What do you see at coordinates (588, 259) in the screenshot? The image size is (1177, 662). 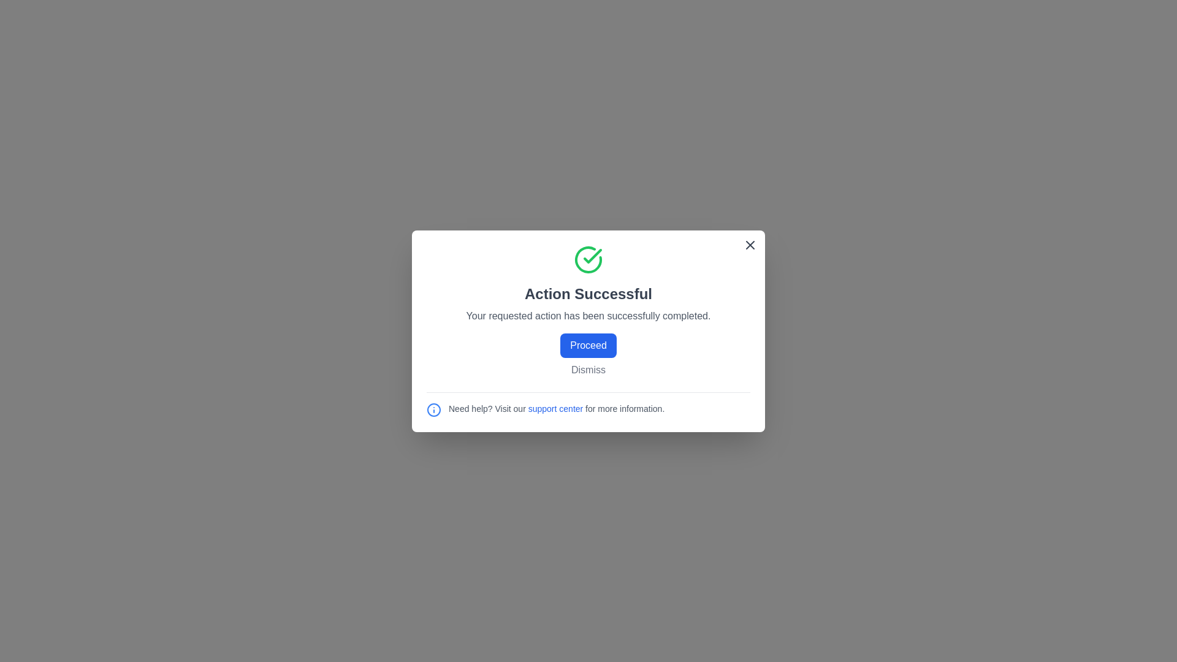 I see `the success icon, which is a checkmark encircled by a green circle, located at the top section of the dialog above the text 'Action Successful'` at bounding box center [588, 259].